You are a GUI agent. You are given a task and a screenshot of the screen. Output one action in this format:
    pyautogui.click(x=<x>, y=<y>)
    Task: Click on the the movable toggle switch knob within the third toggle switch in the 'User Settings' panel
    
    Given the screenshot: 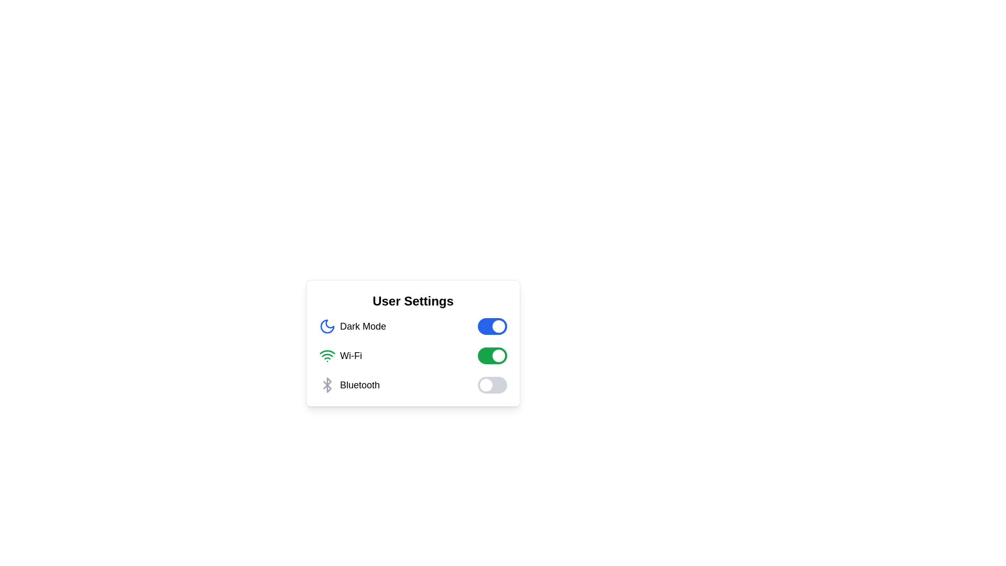 What is the action you would take?
    pyautogui.click(x=485, y=385)
    